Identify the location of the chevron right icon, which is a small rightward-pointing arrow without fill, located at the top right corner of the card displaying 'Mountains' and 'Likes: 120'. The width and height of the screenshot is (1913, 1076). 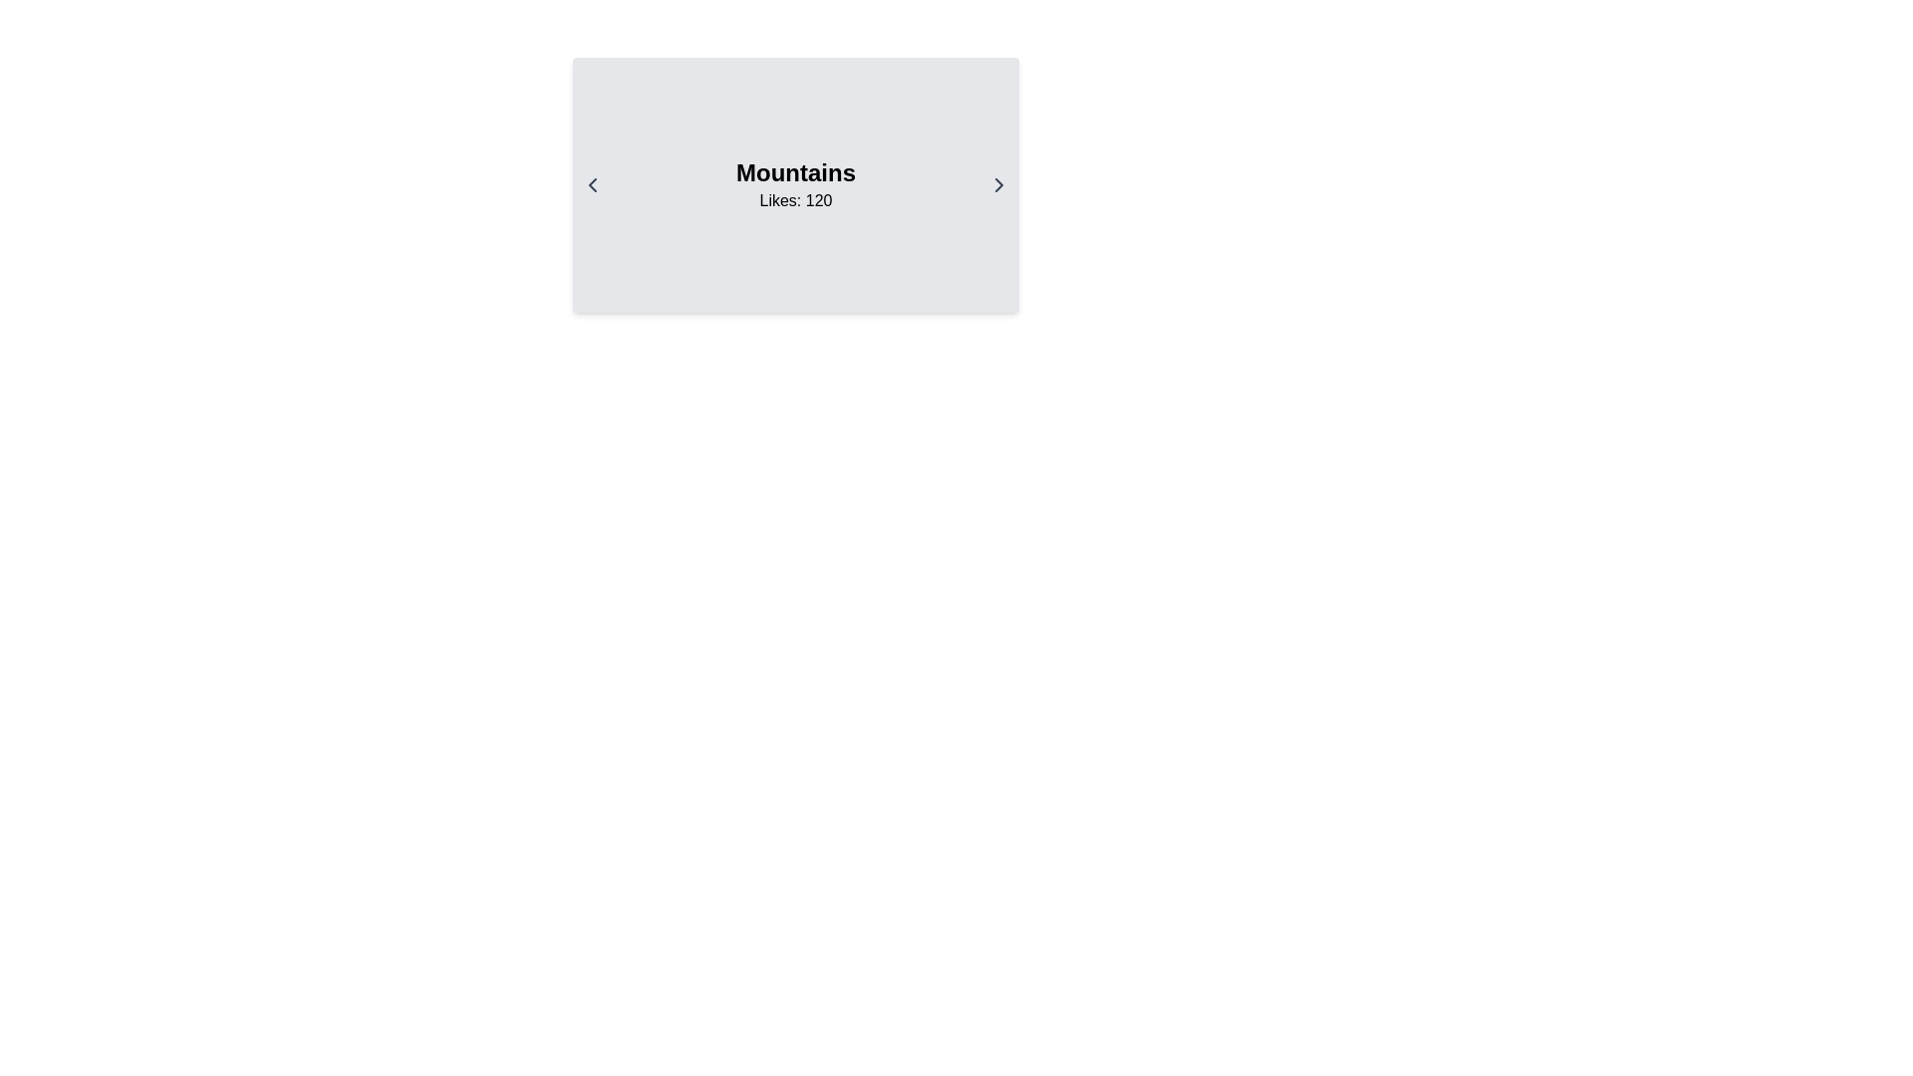
(999, 184).